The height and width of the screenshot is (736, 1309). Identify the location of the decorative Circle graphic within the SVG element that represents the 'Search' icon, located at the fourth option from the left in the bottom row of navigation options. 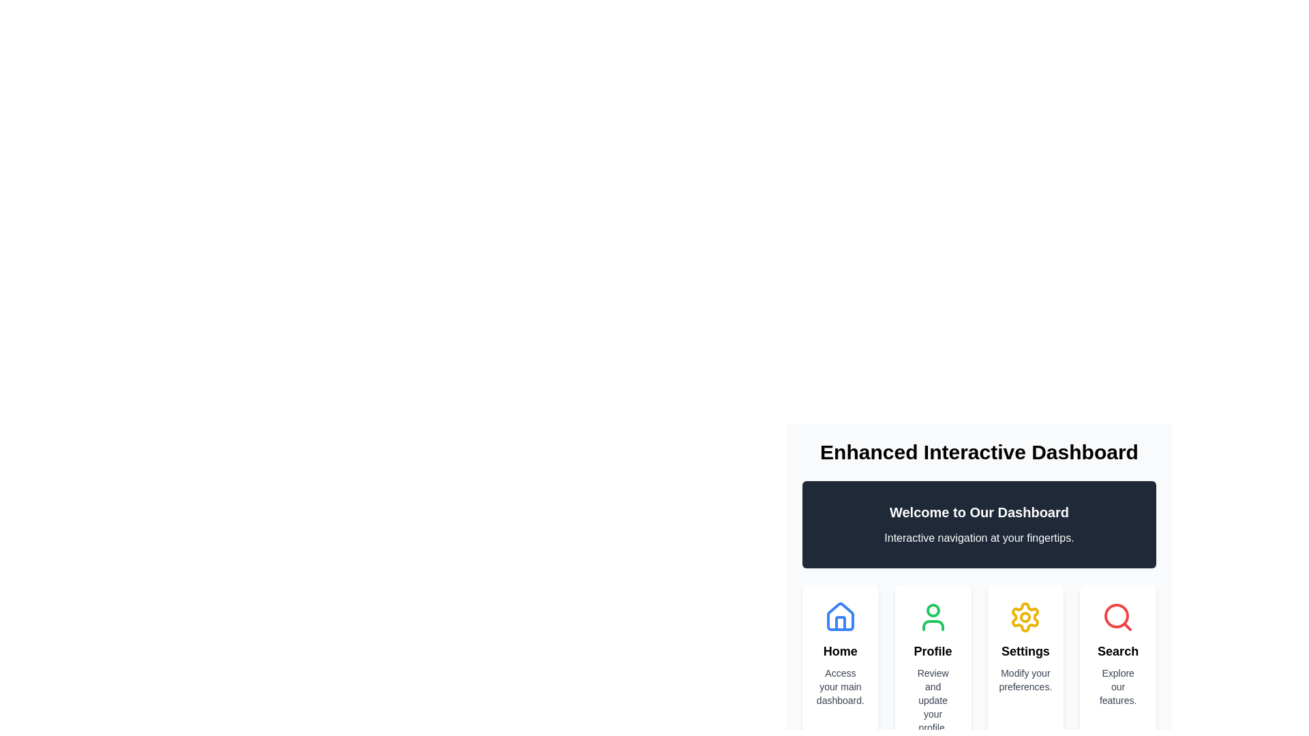
(1117, 615).